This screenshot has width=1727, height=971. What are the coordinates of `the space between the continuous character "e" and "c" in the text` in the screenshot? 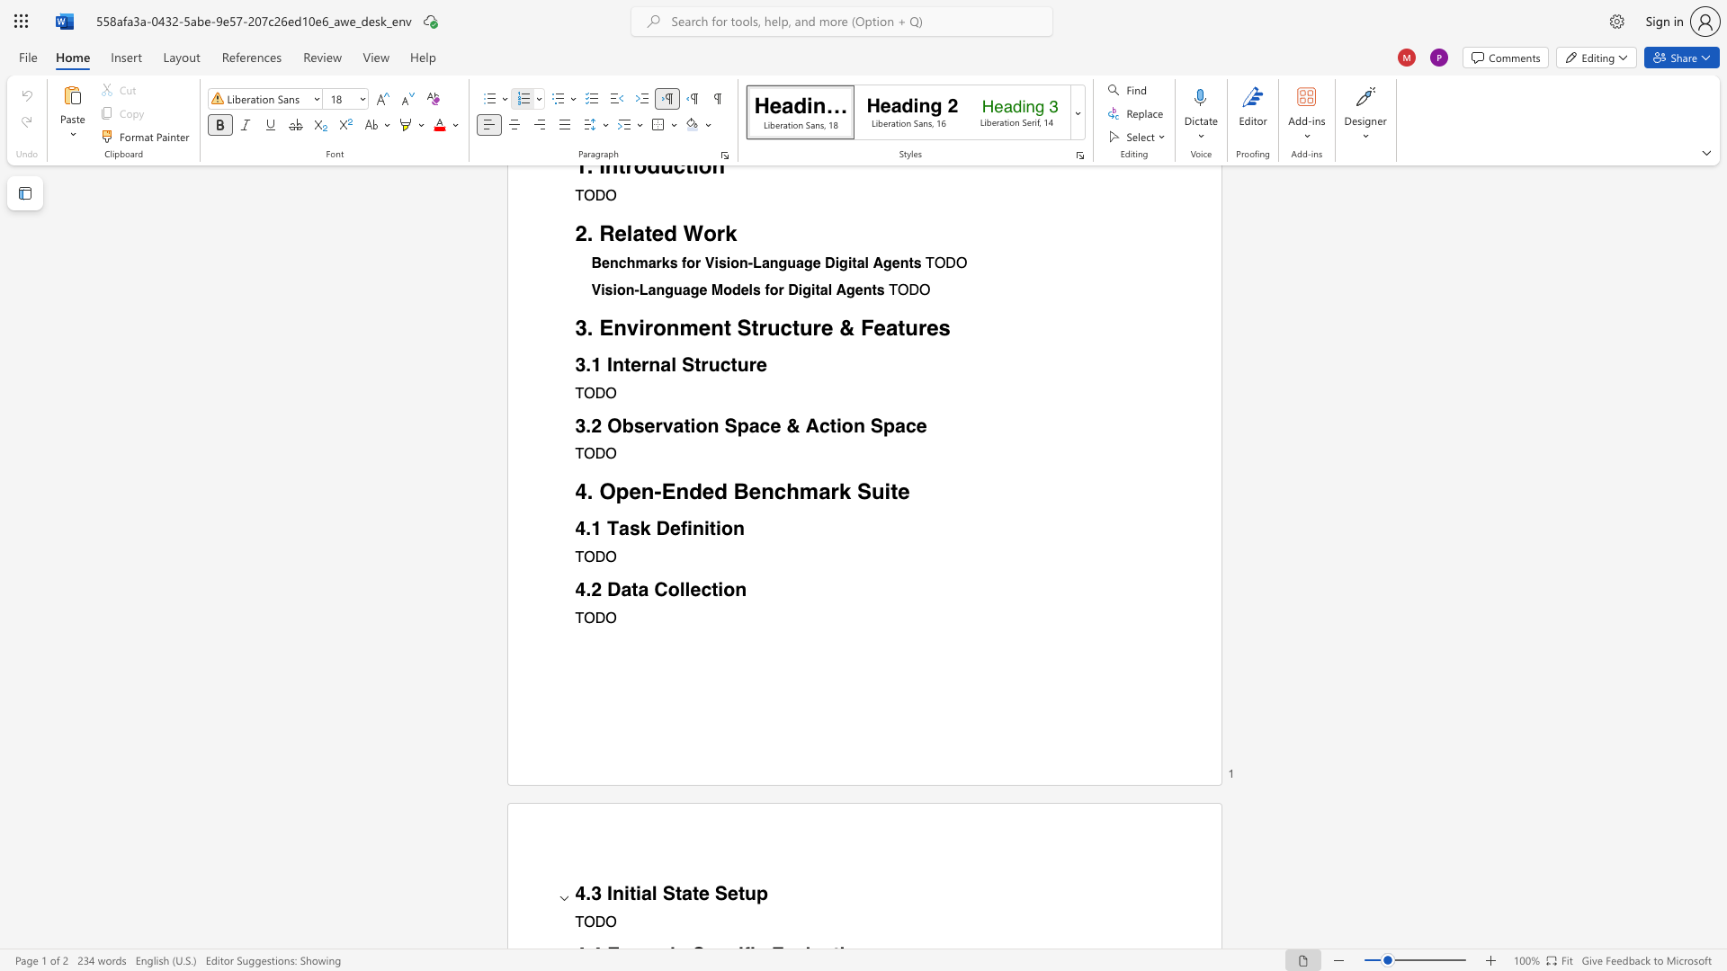 It's located at (700, 589).